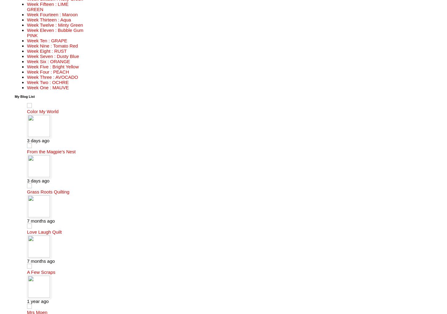  Describe the element at coordinates (47, 40) in the screenshot. I see `'Week Ten : GRAPE'` at that location.